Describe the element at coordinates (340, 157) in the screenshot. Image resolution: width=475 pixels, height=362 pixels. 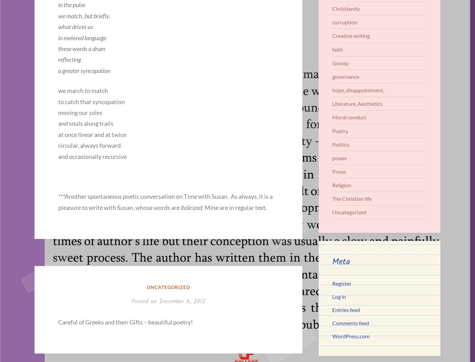
I see `'power'` at that location.